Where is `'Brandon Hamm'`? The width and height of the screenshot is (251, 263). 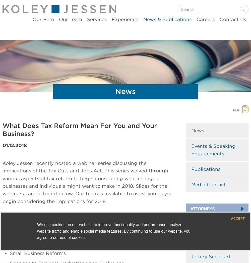 'Brandon Hamm' is located at coordinates (191, 235).